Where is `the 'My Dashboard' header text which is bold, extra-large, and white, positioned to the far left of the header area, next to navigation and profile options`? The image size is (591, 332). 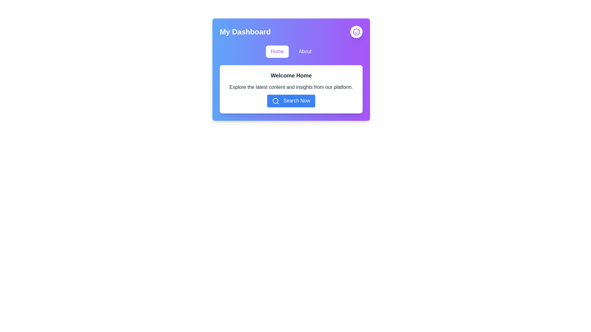 the 'My Dashboard' header text which is bold, extra-large, and white, positioned to the far left of the header area, next to navigation and profile options is located at coordinates (245, 32).